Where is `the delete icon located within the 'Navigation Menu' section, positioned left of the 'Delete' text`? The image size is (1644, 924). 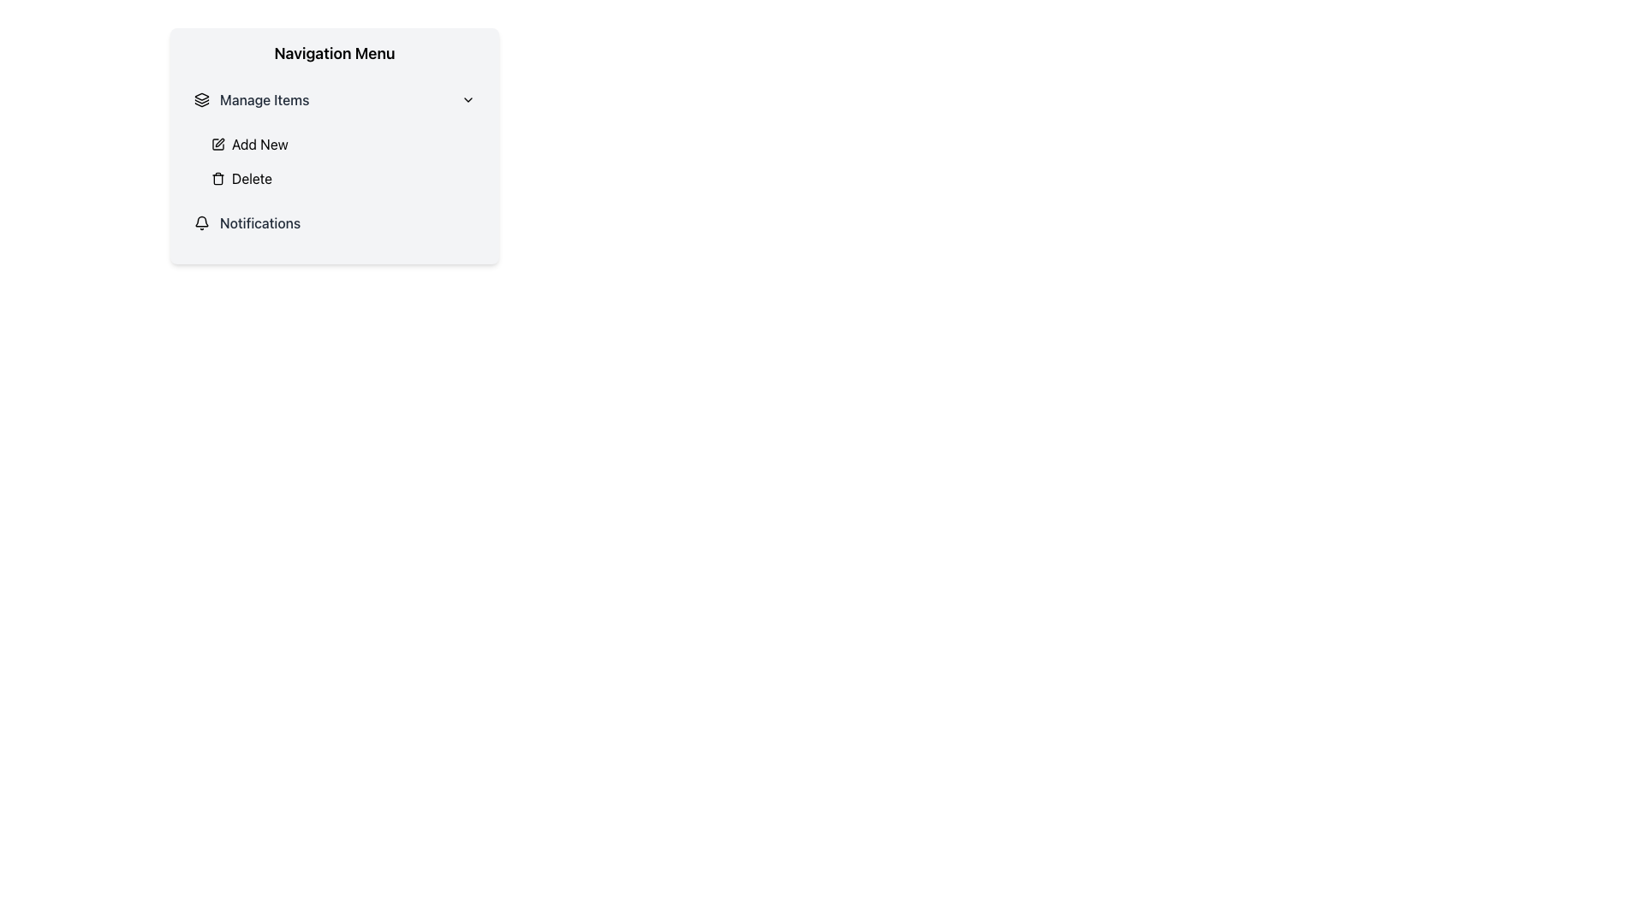
the delete icon located within the 'Navigation Menu' section, positioned left of the 'Delete' text is located at coordinates (217, 178).